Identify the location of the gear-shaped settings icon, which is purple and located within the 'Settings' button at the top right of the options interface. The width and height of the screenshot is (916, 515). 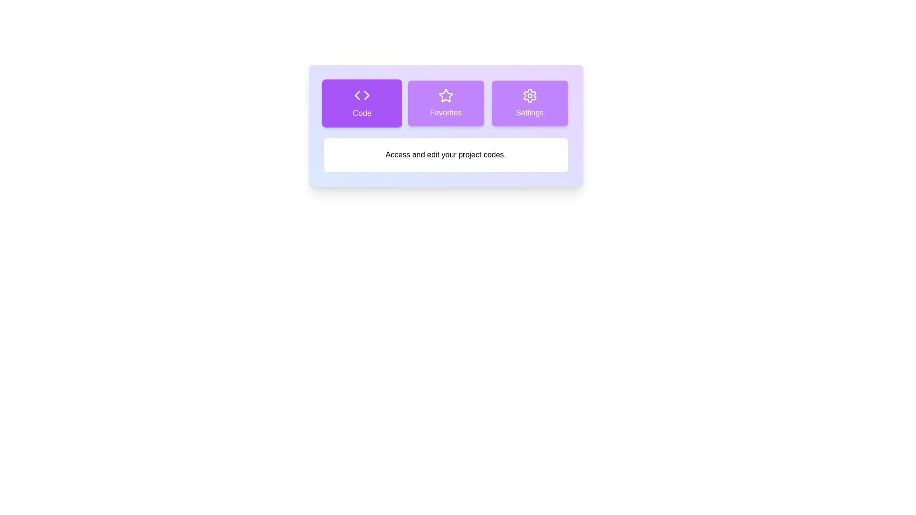
(529, 95).